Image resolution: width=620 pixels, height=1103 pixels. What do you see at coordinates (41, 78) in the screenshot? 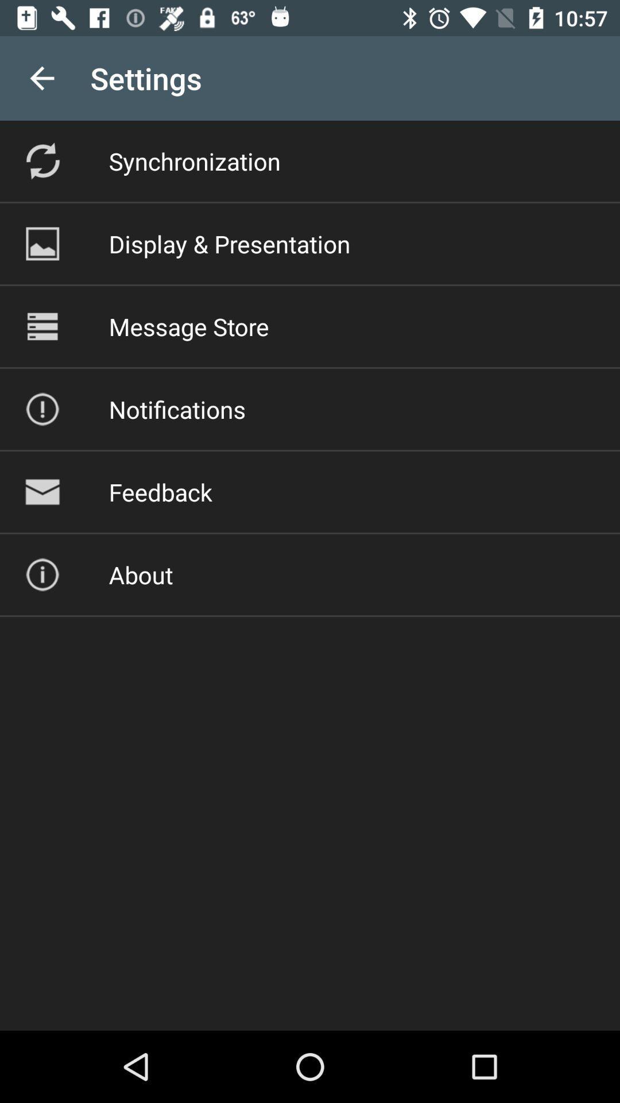
I see `the app to the left of the settings icon` at bounding box center [41, 78].